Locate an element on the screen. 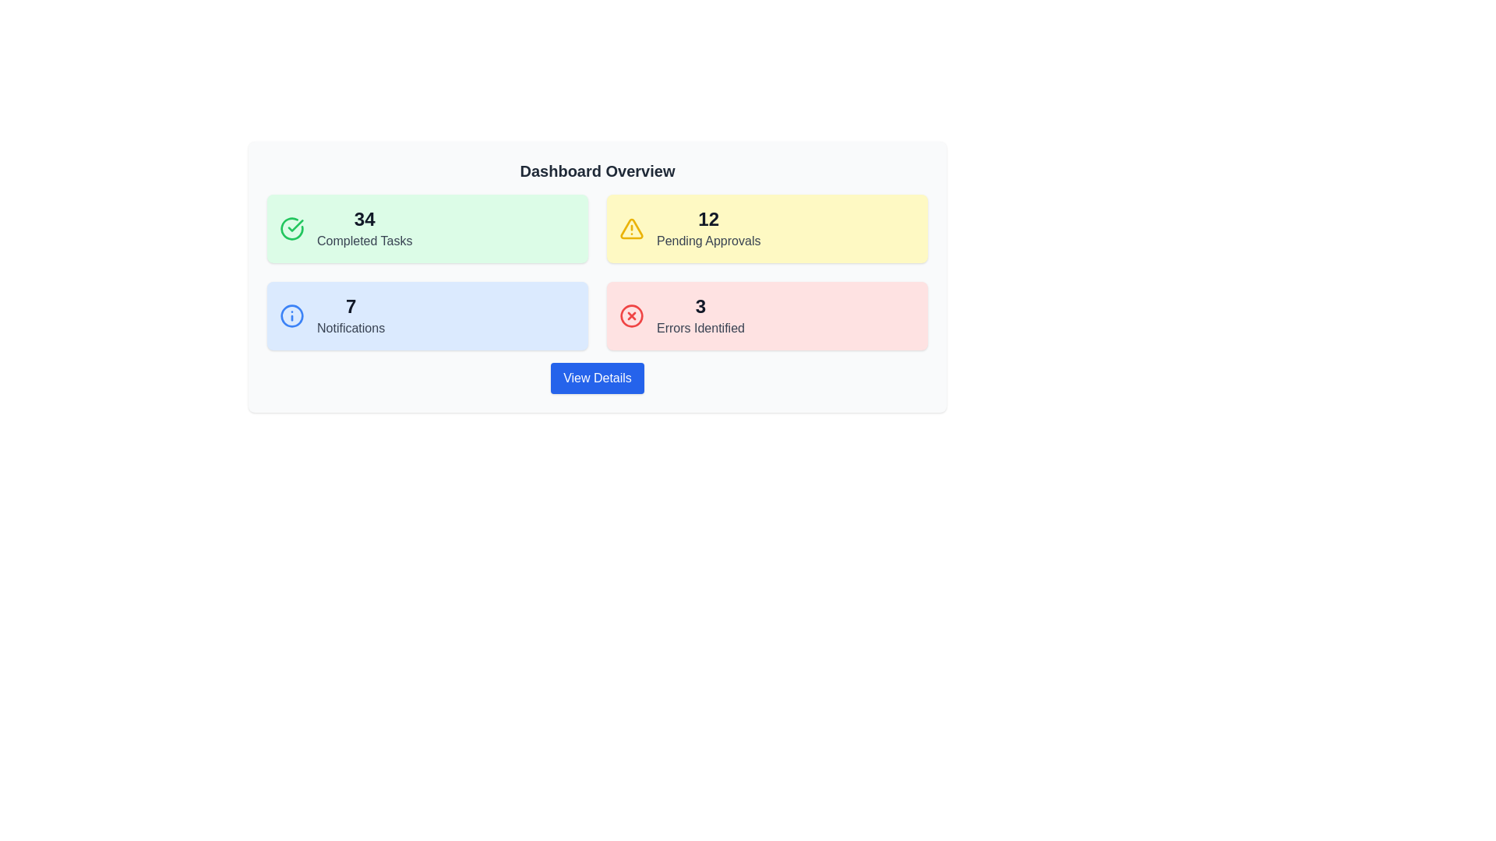 This screenshot has width=1496, height=841. the static text label that describes the count of notifications, which is located at the bottom of the card displaying the number '7' is located at coordinates (350, 327).